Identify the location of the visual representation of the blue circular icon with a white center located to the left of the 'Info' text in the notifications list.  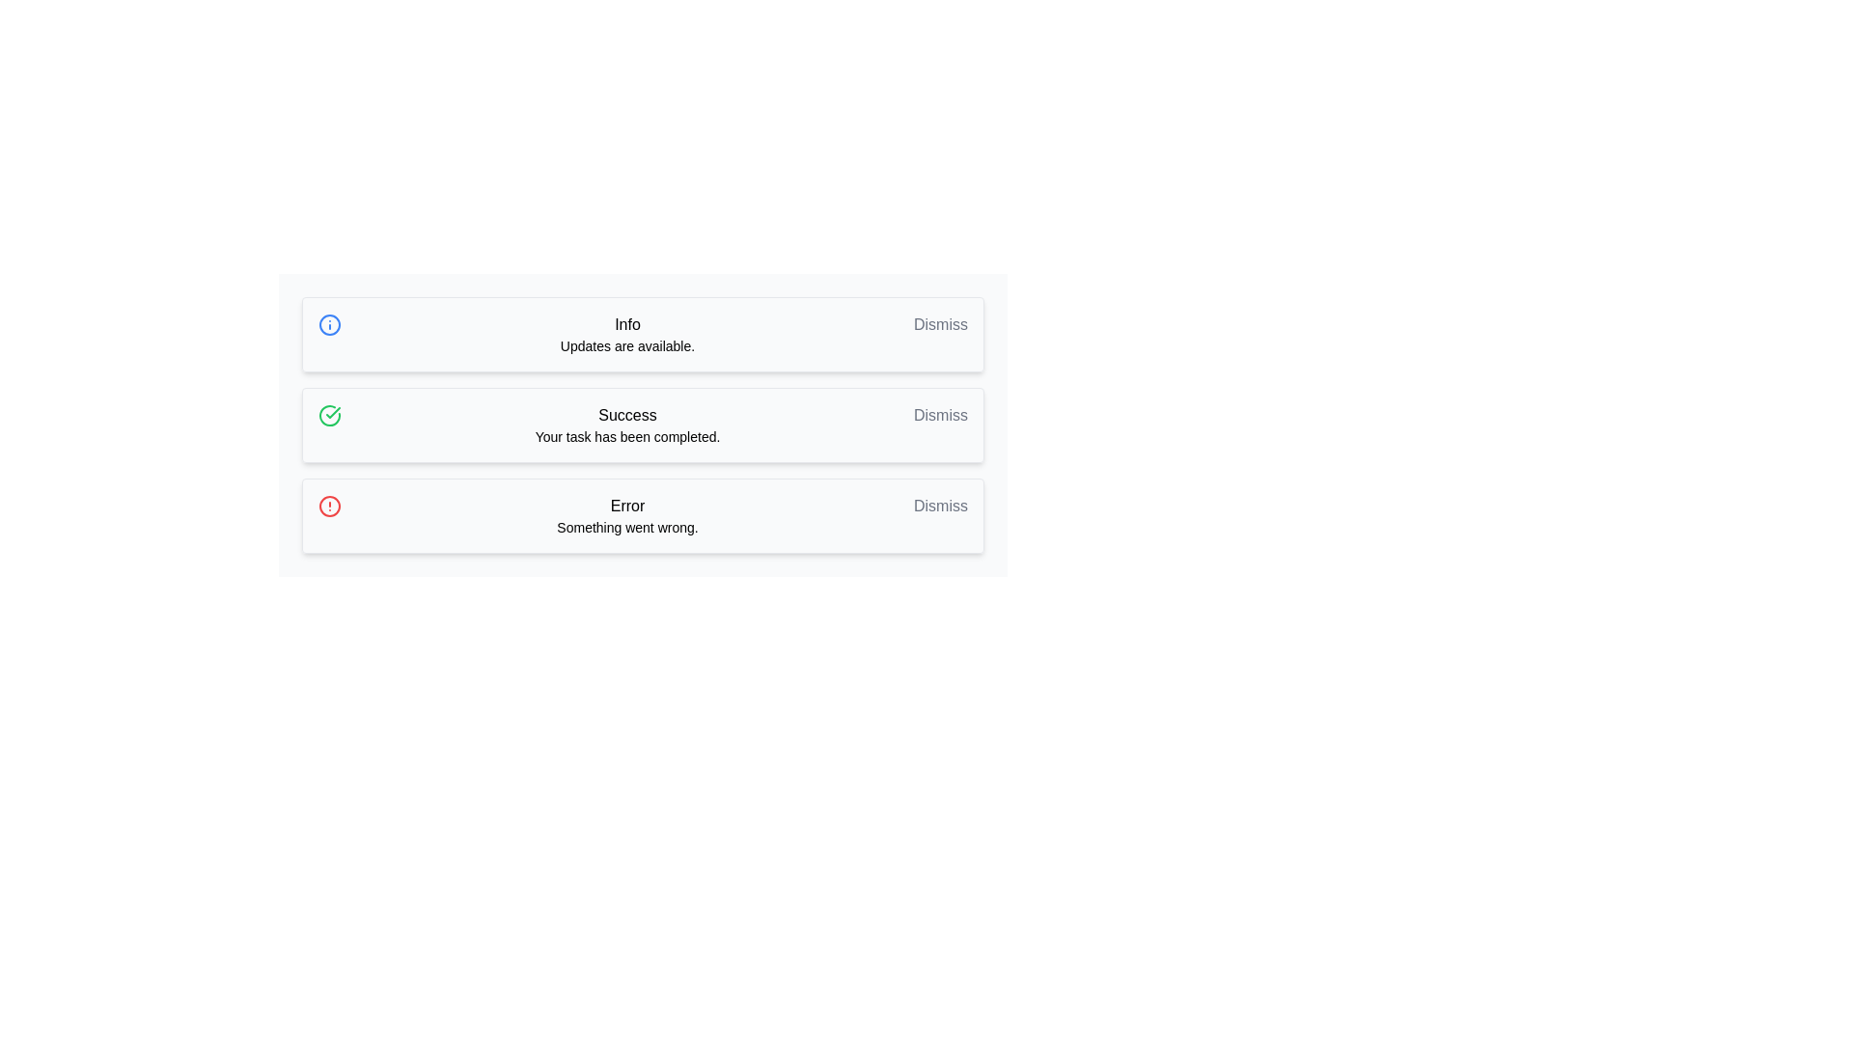
(329, 323).